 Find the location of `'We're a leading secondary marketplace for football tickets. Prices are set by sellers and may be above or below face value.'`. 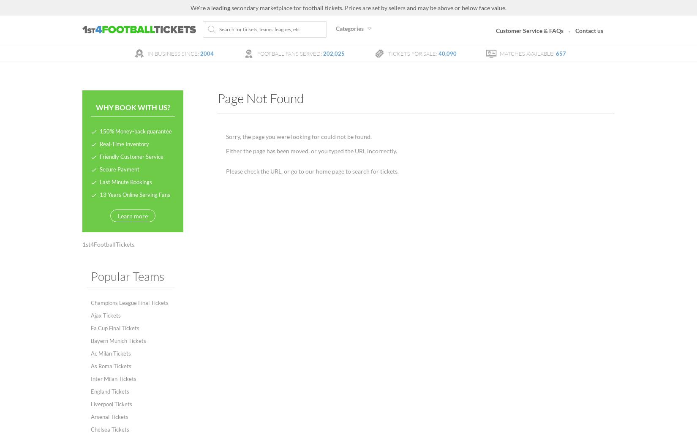

'We're a leading secondary marketplace for football tickets. Prices are set by sellers and may be above or below face value.' is located at coordinates (348, 8).